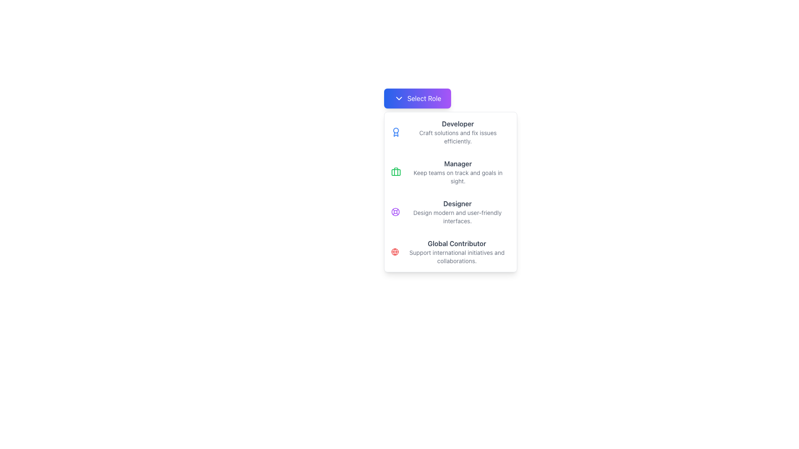 This screenshot has width=799, height=449. I want to click on the first selectable list item representing the 'Developer' role, which is located just below the 'Select Role' header, so click(457, 131).